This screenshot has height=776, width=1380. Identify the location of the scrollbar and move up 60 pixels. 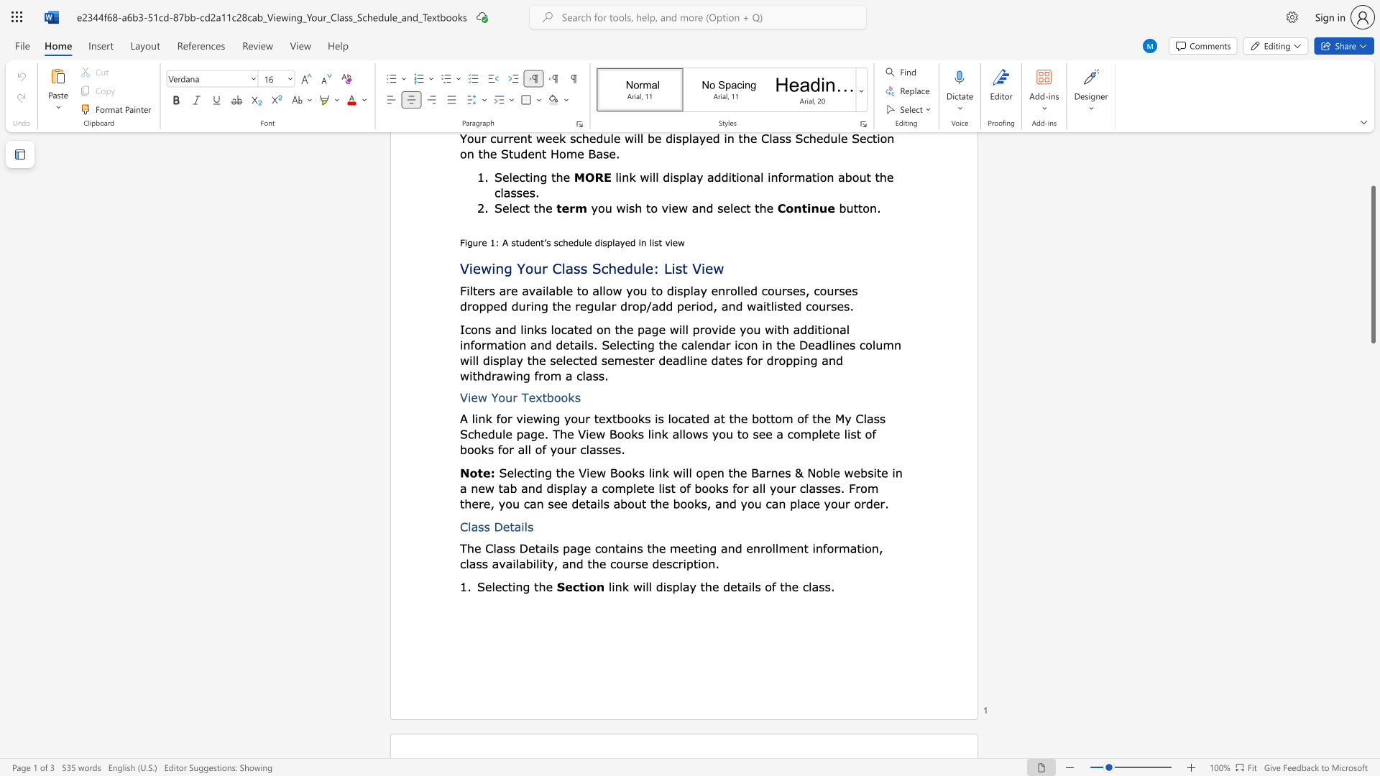
(1372, 264).